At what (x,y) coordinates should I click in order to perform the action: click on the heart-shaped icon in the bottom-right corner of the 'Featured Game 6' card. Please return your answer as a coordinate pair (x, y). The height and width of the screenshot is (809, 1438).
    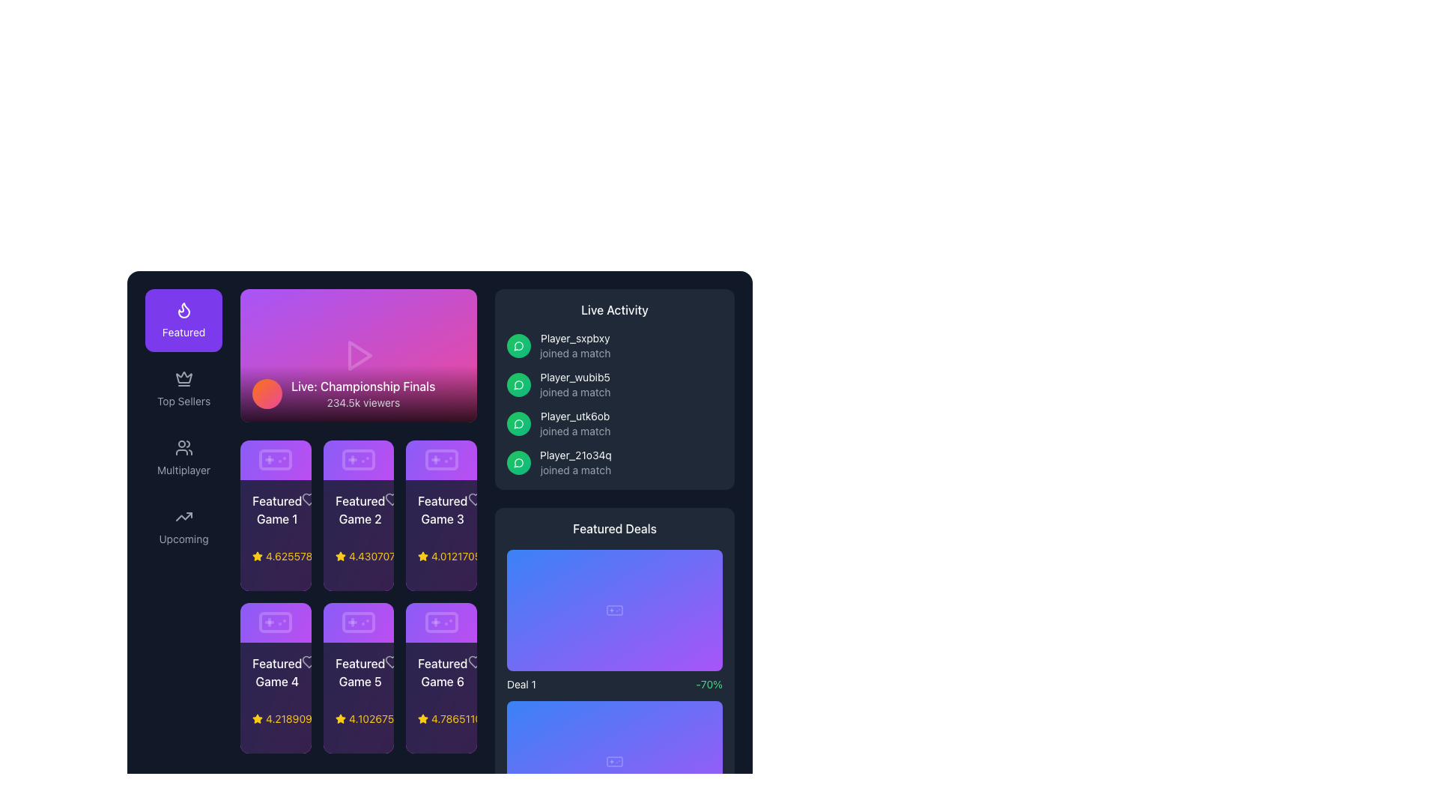
    Looking at the image, I should click on (474, 661).